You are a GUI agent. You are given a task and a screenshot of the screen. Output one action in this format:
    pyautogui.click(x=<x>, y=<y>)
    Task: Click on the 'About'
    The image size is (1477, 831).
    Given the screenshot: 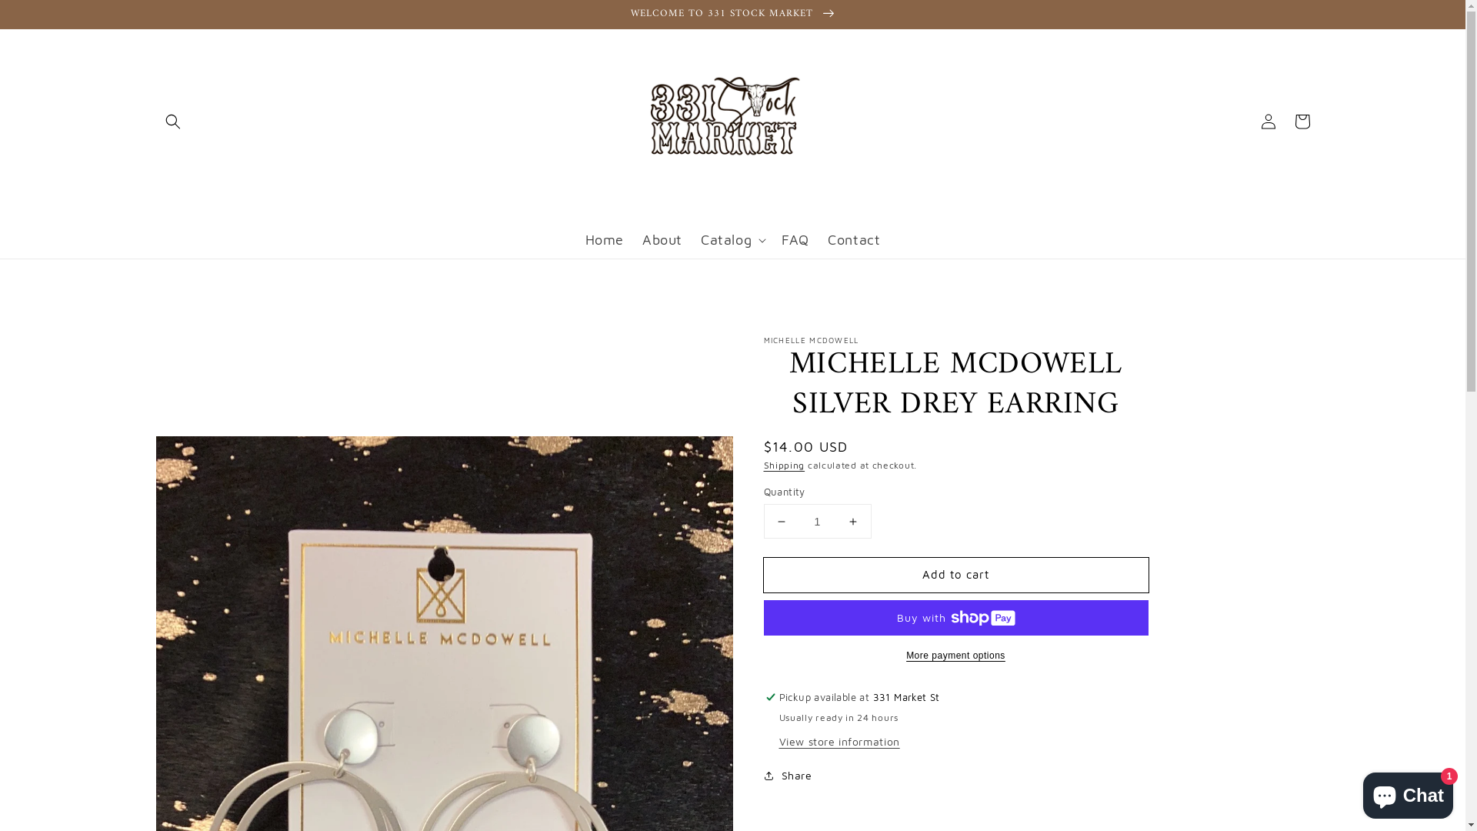 What is the action you would take?
    pyautogui.click(x=662, y=239)
    